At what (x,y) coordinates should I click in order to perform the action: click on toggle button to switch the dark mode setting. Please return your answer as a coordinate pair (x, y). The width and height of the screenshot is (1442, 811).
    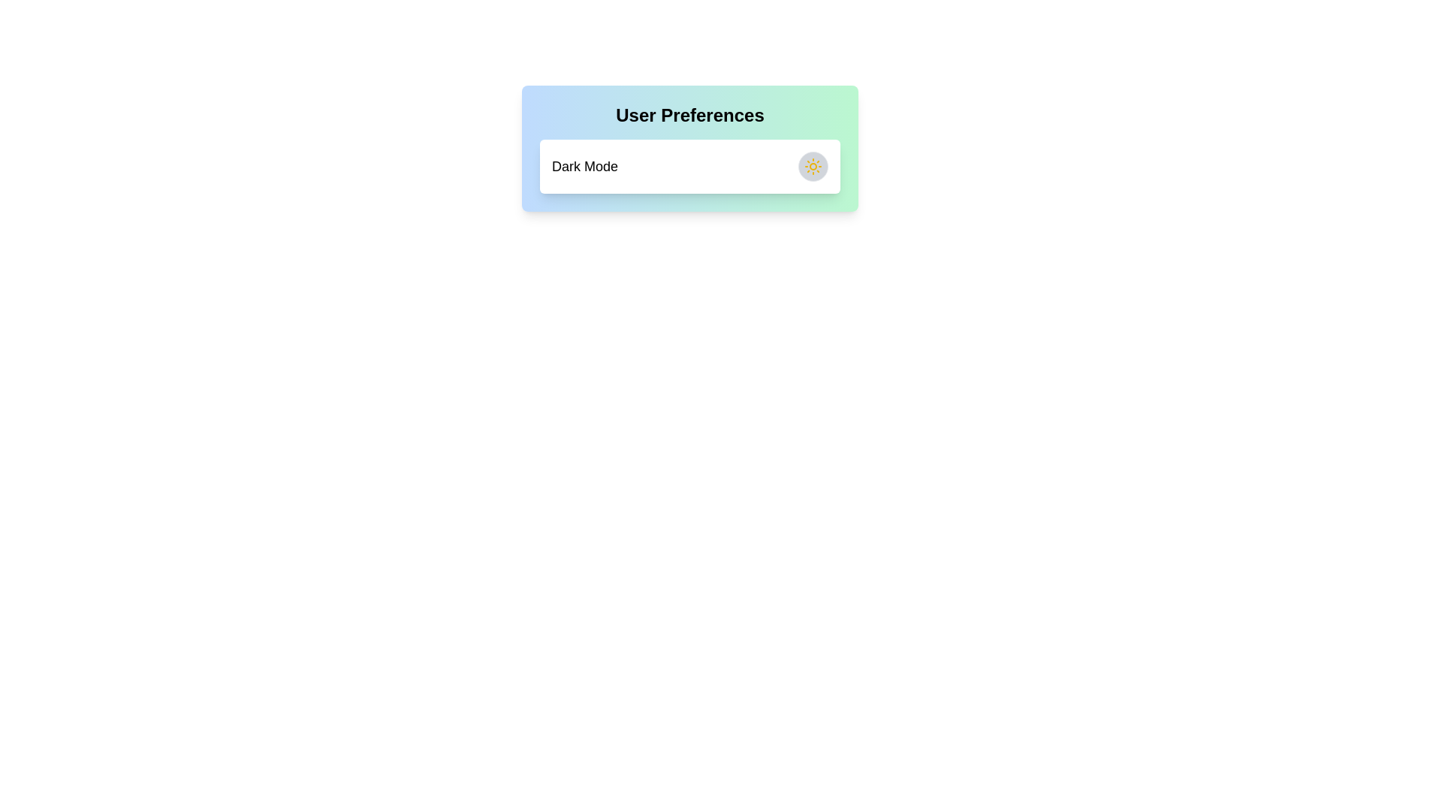
    Looking at the image, I should click on (813, 167).